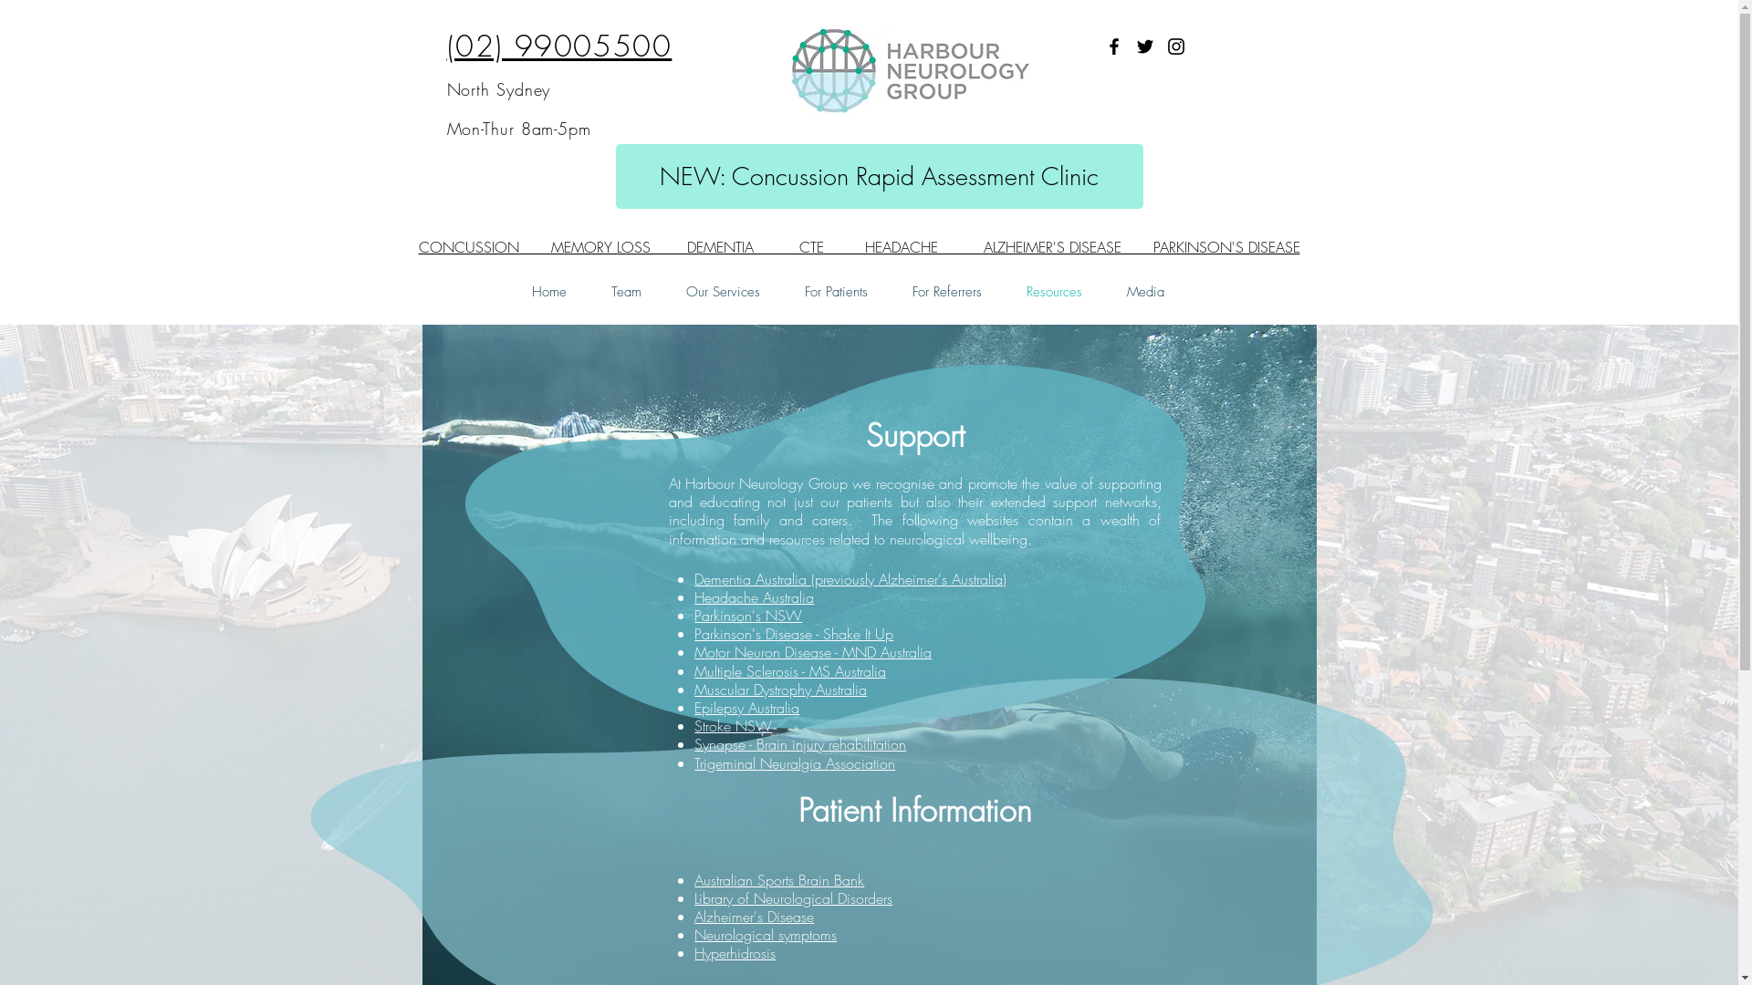 Image resolution: width=1752 pixels, height=985 pixels. I want to click on 'NEW: Concussion Rapid Assessment Clinic', so click(879, 176).